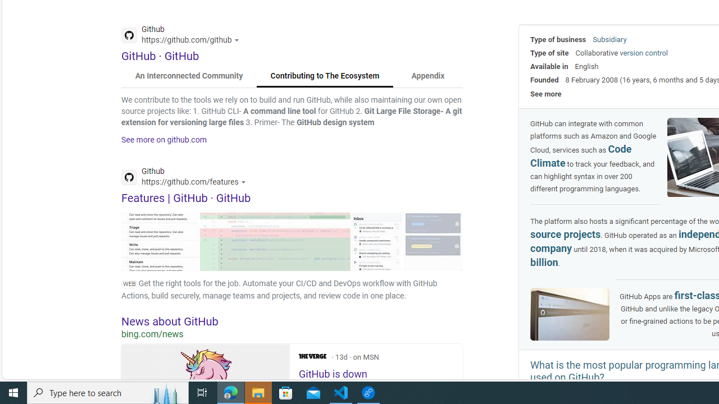 Image resolution: width=719 pixels, height=404 pixels. Describe the element at coordinates (189, 76) in the screenshot. I see `'An Interconnected Community'` at that location.